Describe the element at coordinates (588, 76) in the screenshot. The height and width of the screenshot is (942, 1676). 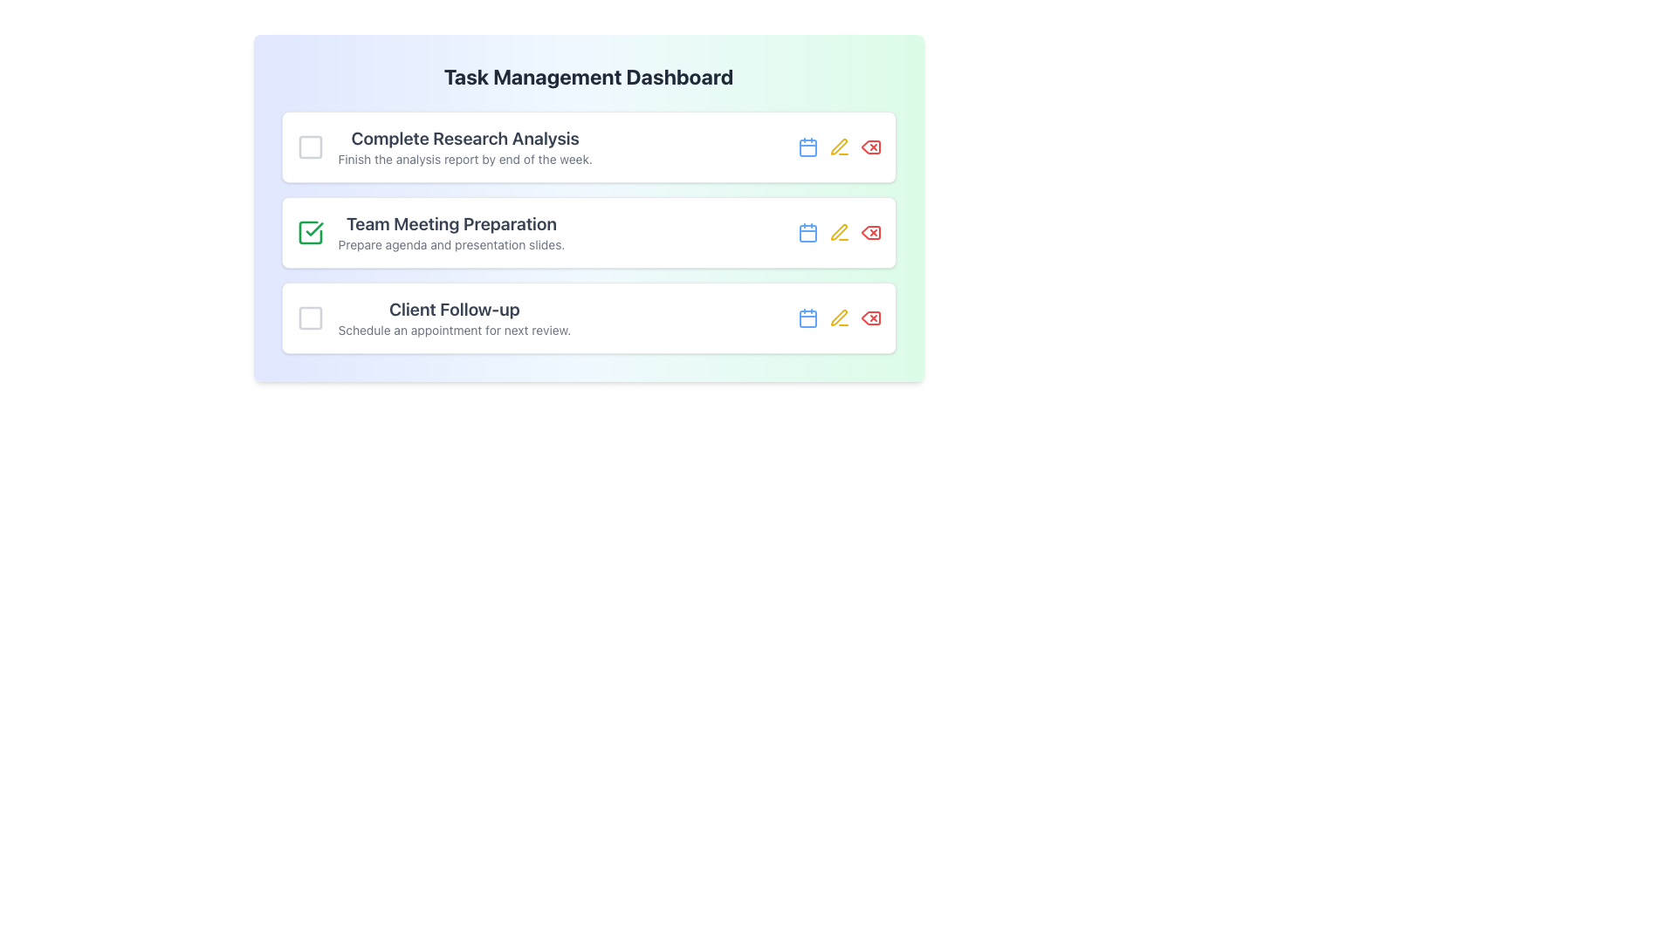
I see `the title text element located at the top center of the dashboard interface, which provides context for the displayed tasks` at that location.